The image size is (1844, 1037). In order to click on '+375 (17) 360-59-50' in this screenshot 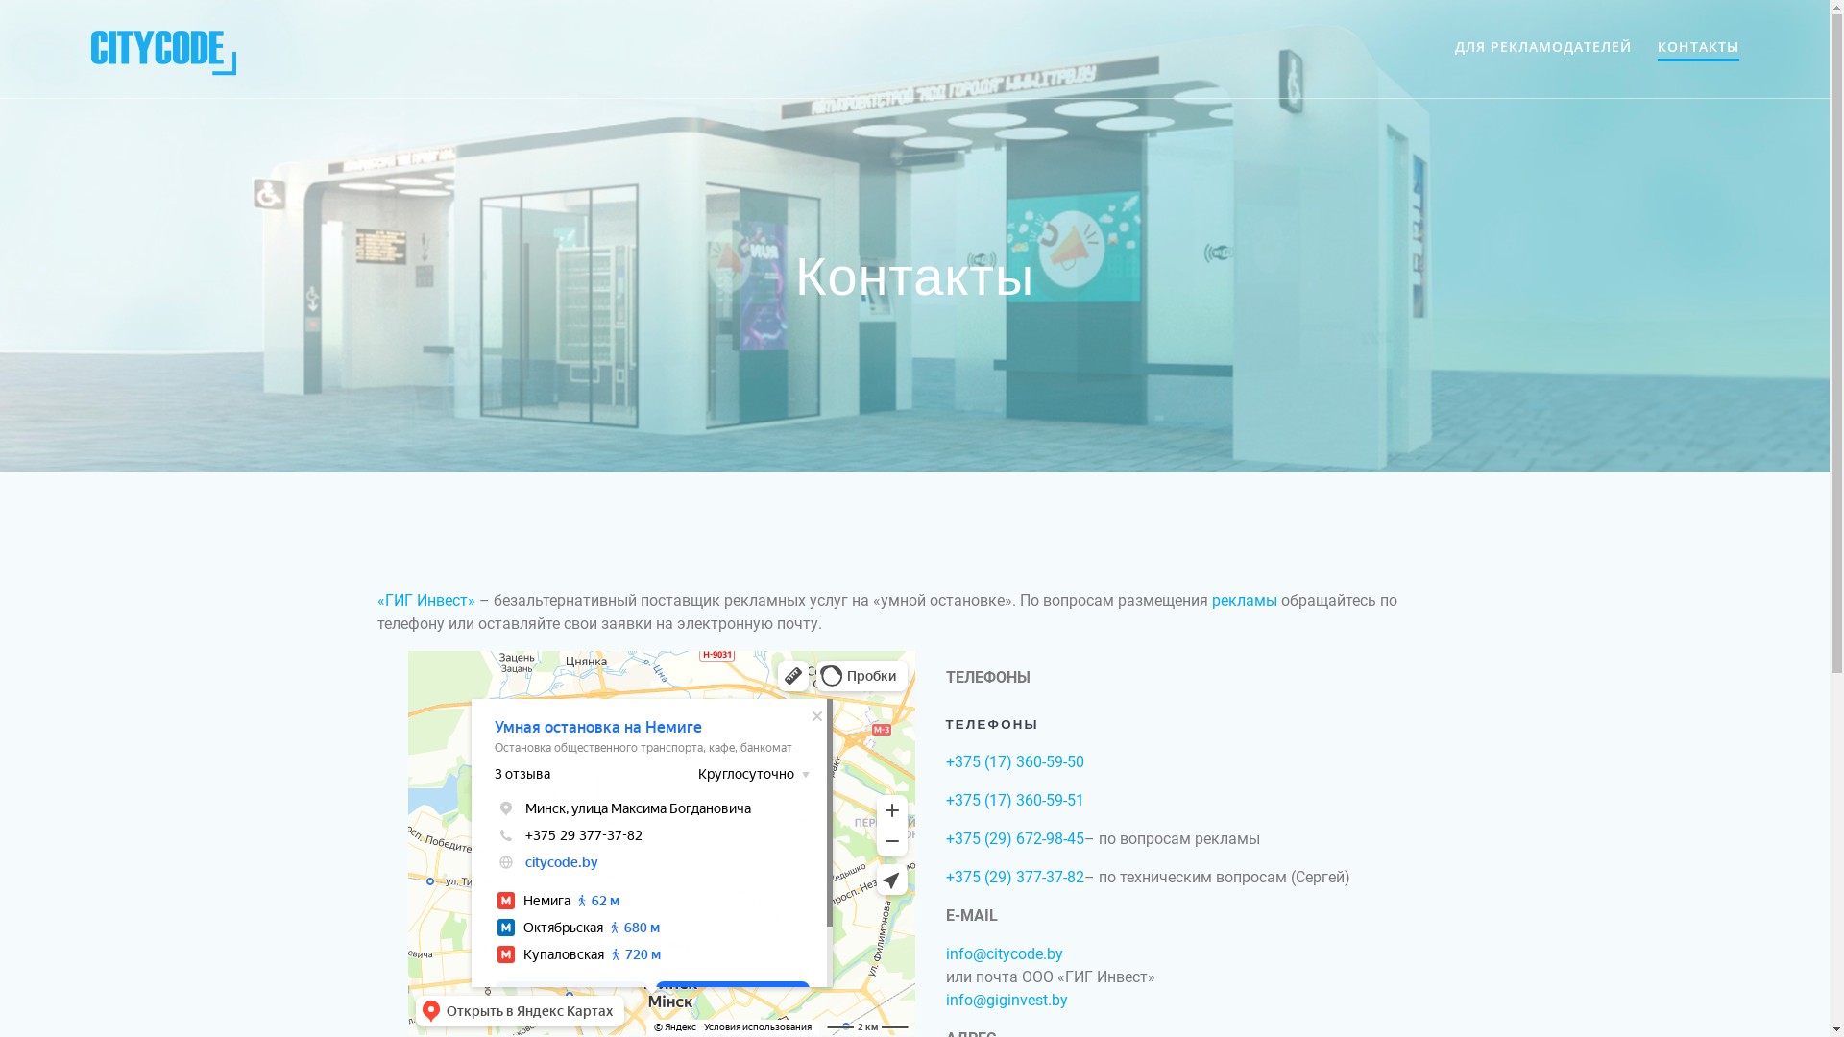, I will do `click(944, 760)`.